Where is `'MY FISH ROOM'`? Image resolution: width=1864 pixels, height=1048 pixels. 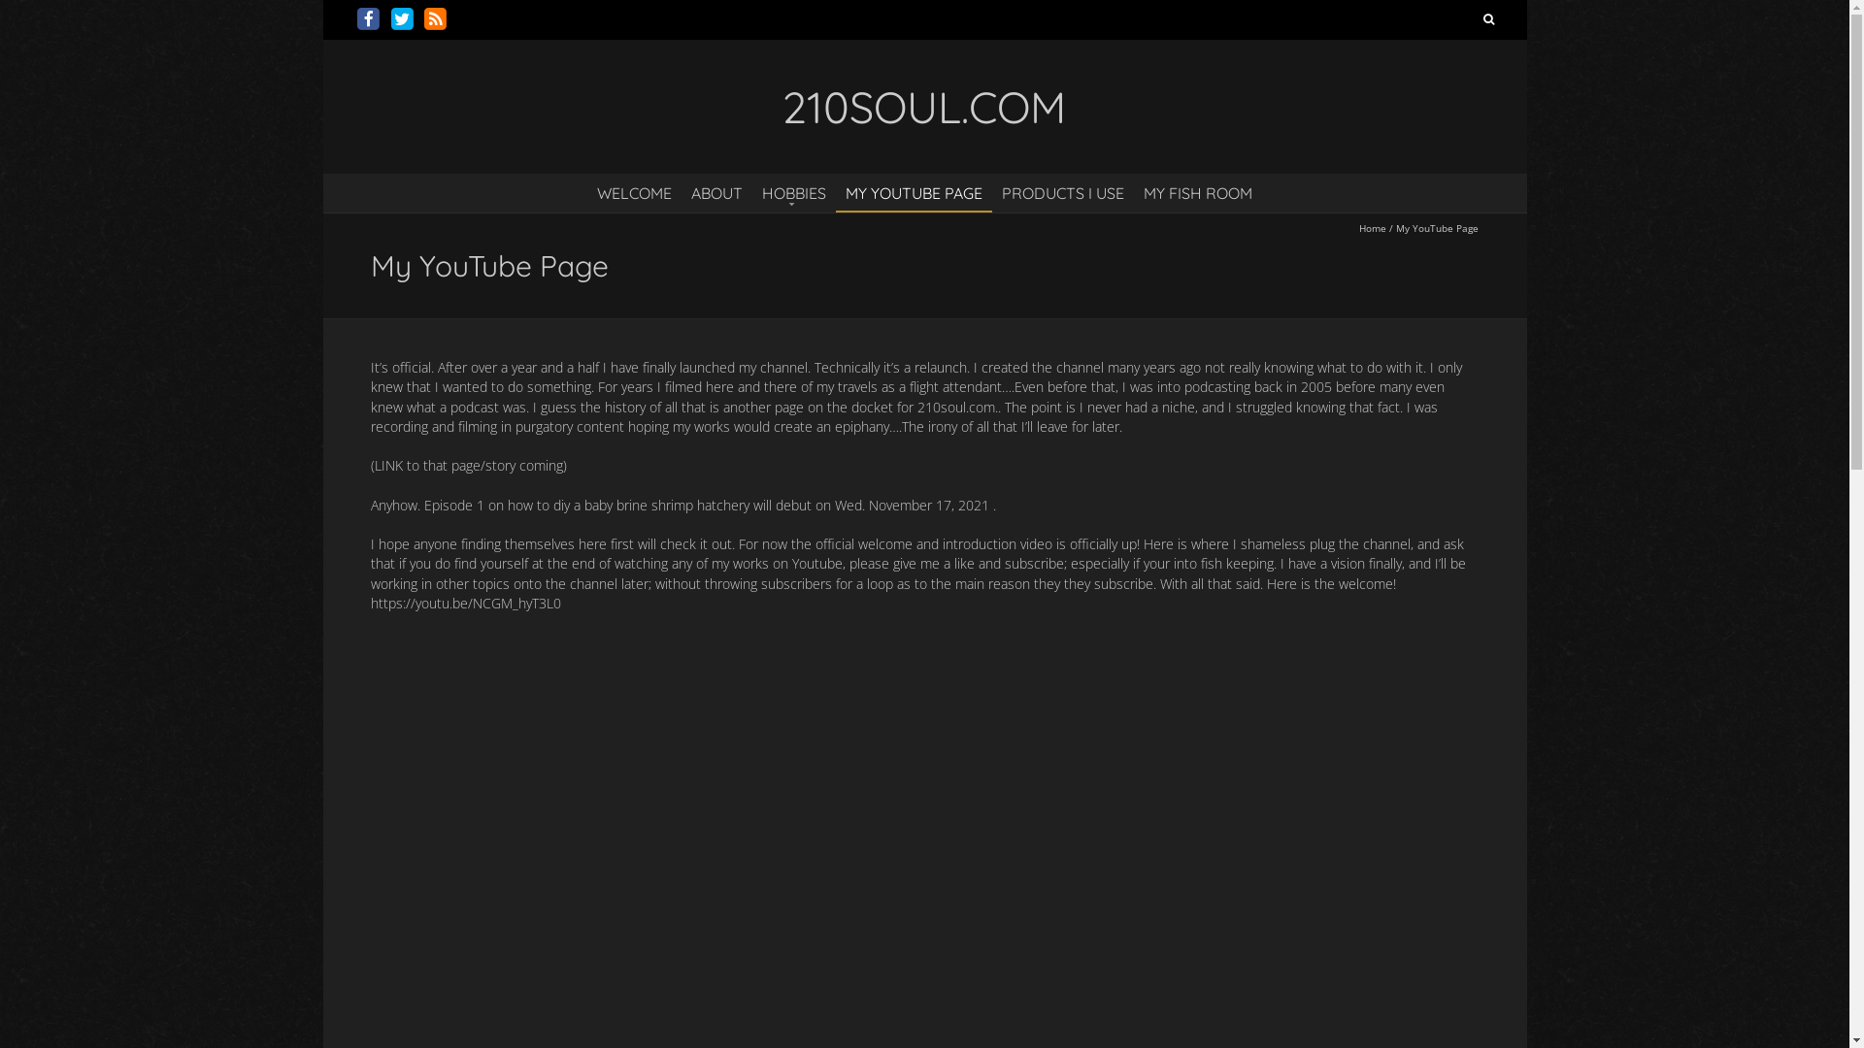
'MY FISH ROOM' is located at coordinates (1196, 191).